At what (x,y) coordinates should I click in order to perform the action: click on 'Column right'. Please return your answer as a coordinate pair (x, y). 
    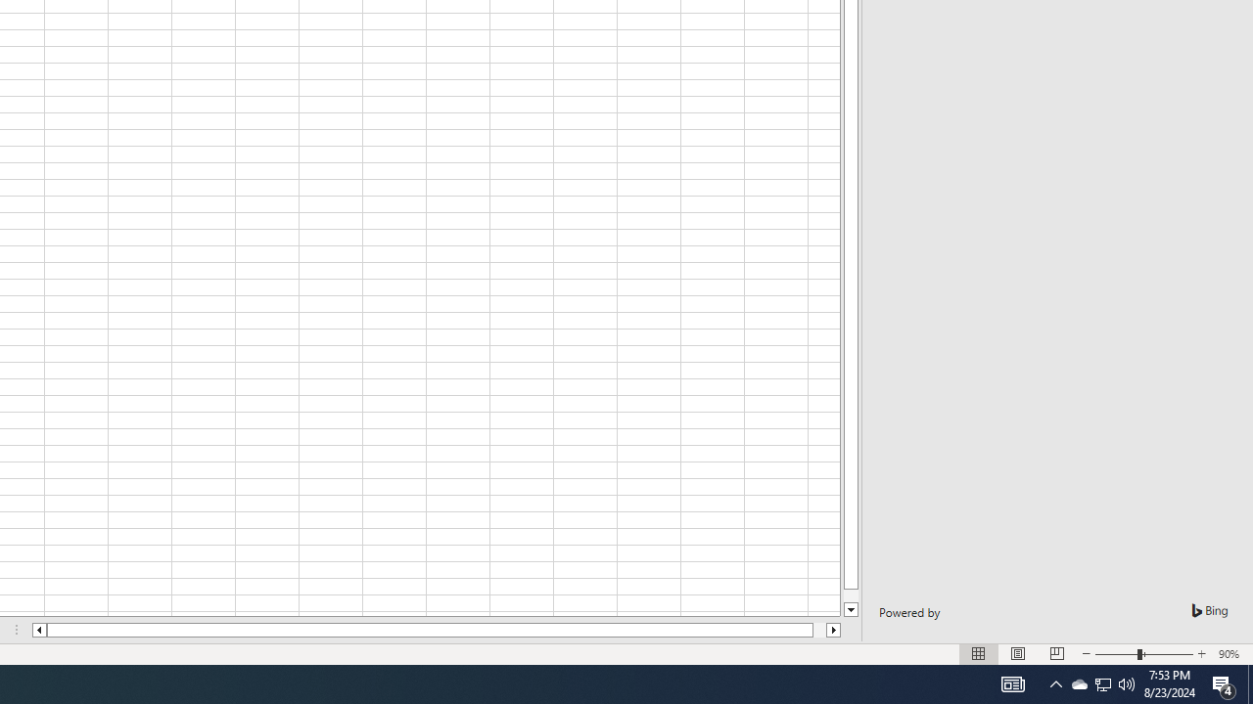
    Looking at the image, I should click on (834, 630).